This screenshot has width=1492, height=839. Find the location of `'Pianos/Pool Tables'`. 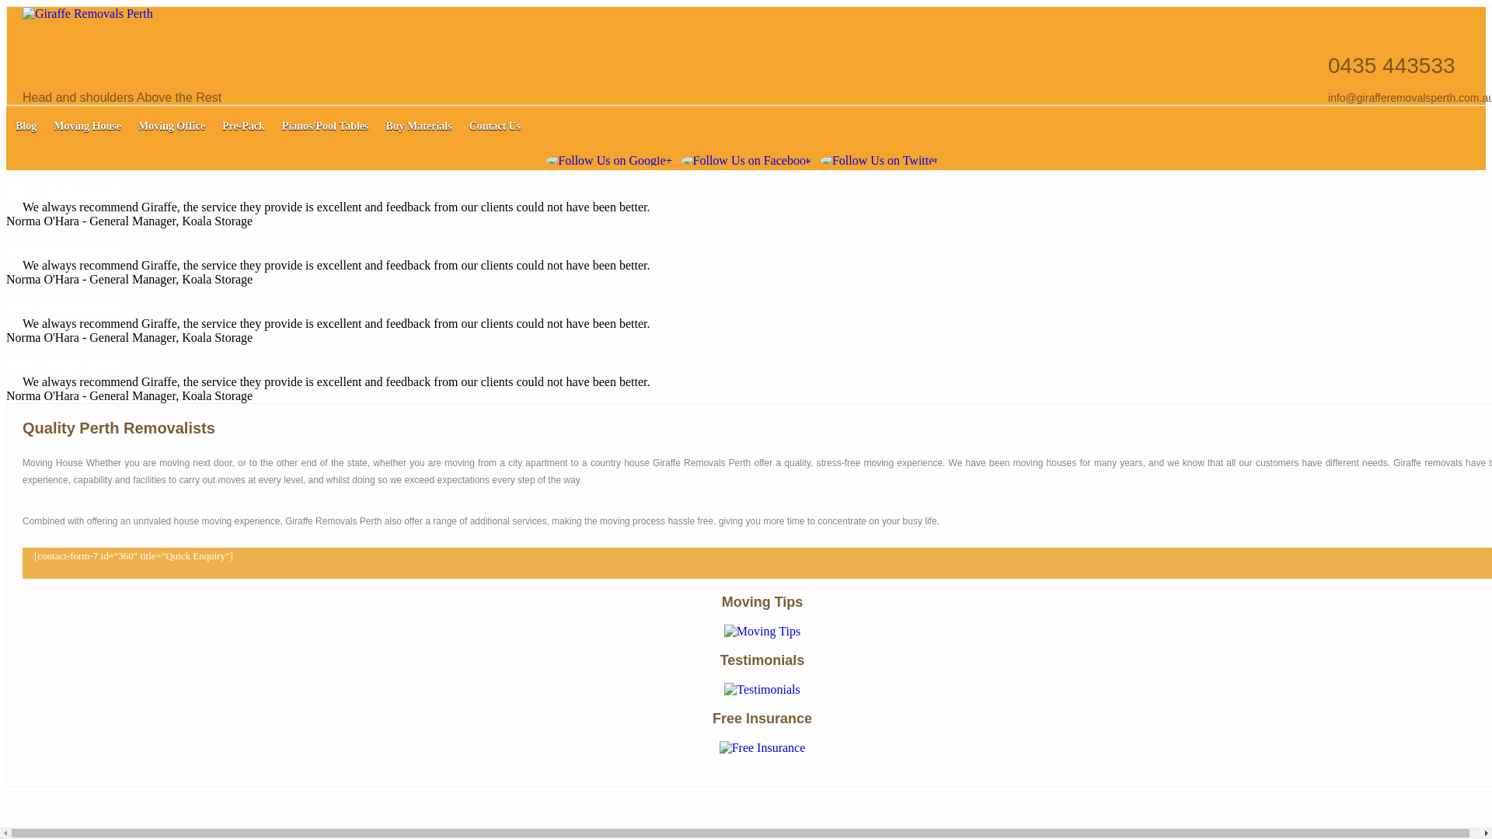

'Pianos/Pool Tables' is located at coordinates (282, 125).